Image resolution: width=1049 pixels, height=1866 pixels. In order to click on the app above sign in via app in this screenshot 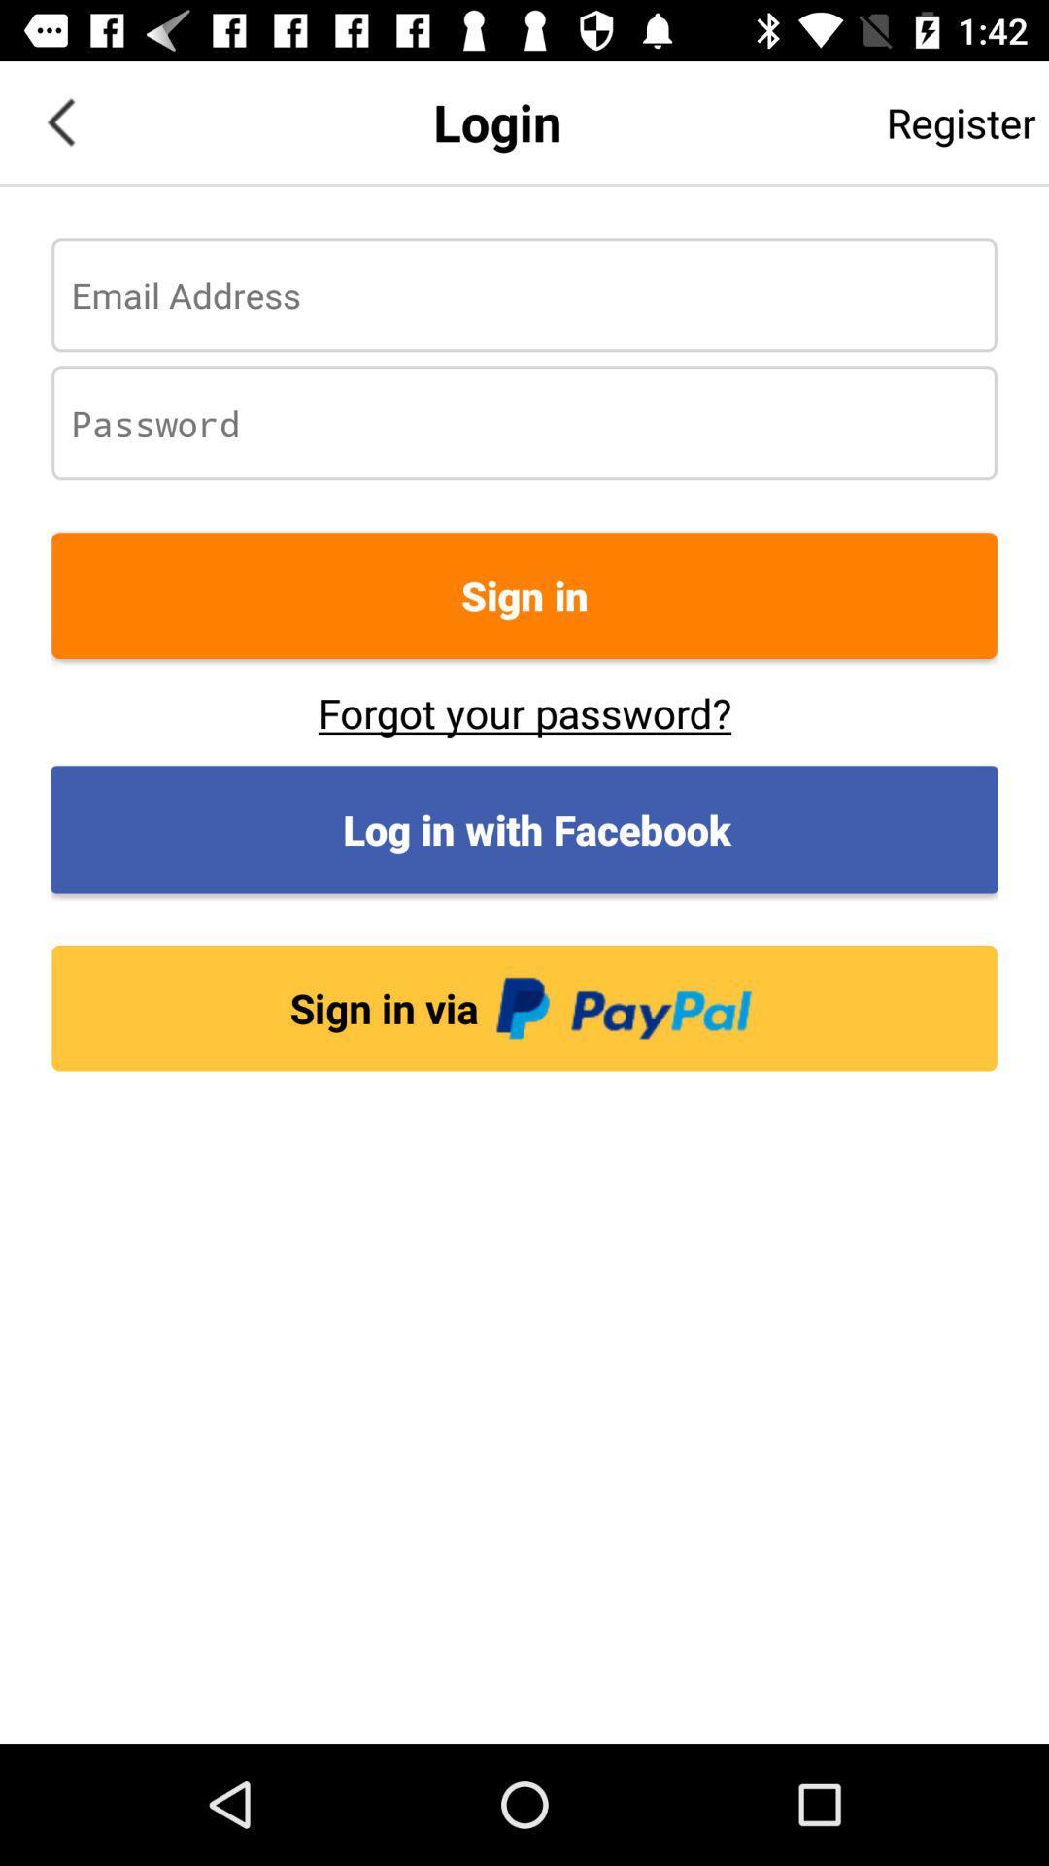, I will do `click(524, 829)`.